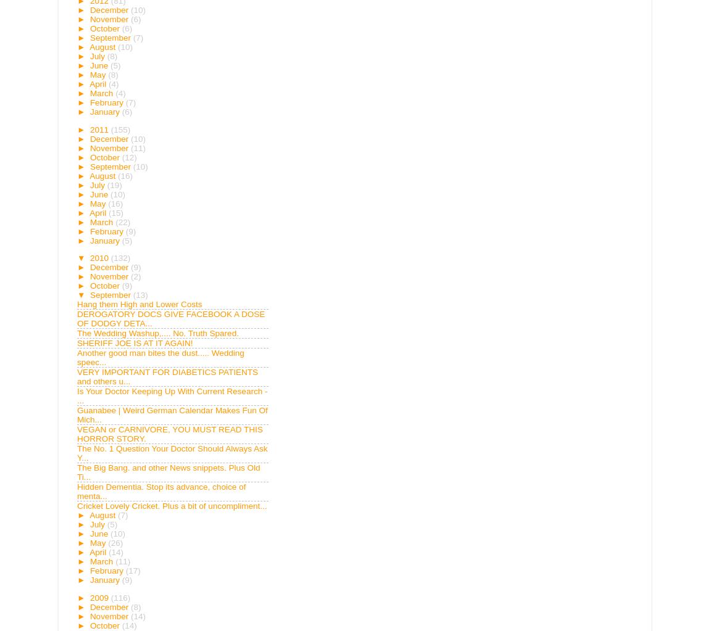 This screenshot has width=710, height=631. I want to click on 'VEGAN or CARNIVORE, YOU MUST READ THIS HORROR STORY.', so click(169, 434).